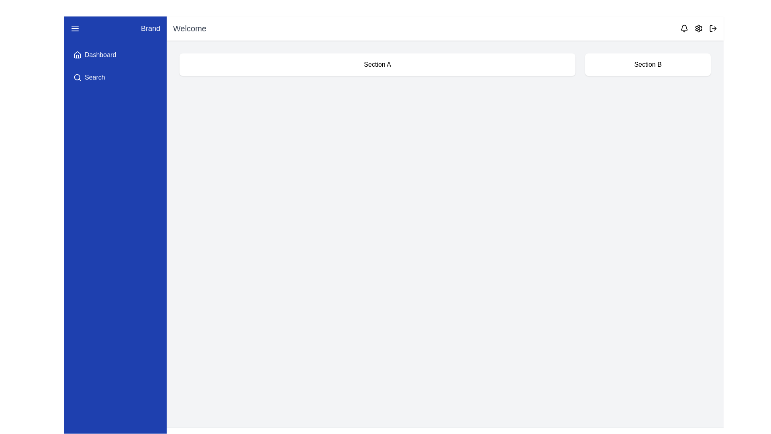 The width and height of the screenshot is (771, 434). I want to click on the hamburger menu icon, which consists of three horizontally aligned white lines on a blue background, so click(75, 28).